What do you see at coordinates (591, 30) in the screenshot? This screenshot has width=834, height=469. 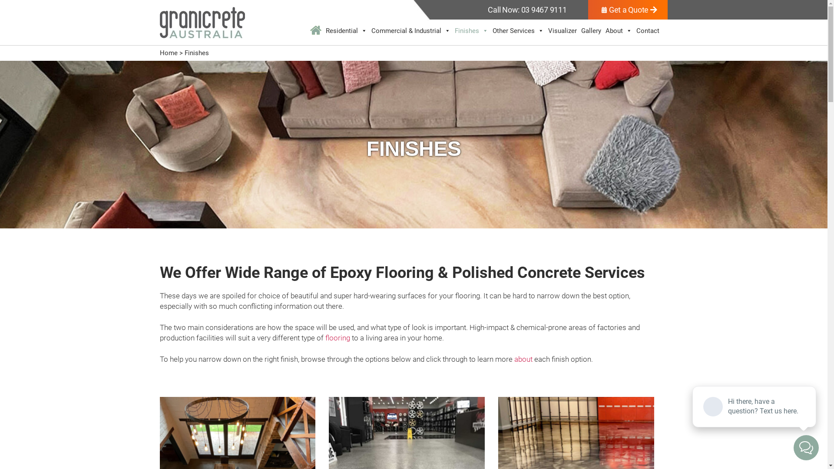 I see `'Gallery'` at bounding box center [591, 30].